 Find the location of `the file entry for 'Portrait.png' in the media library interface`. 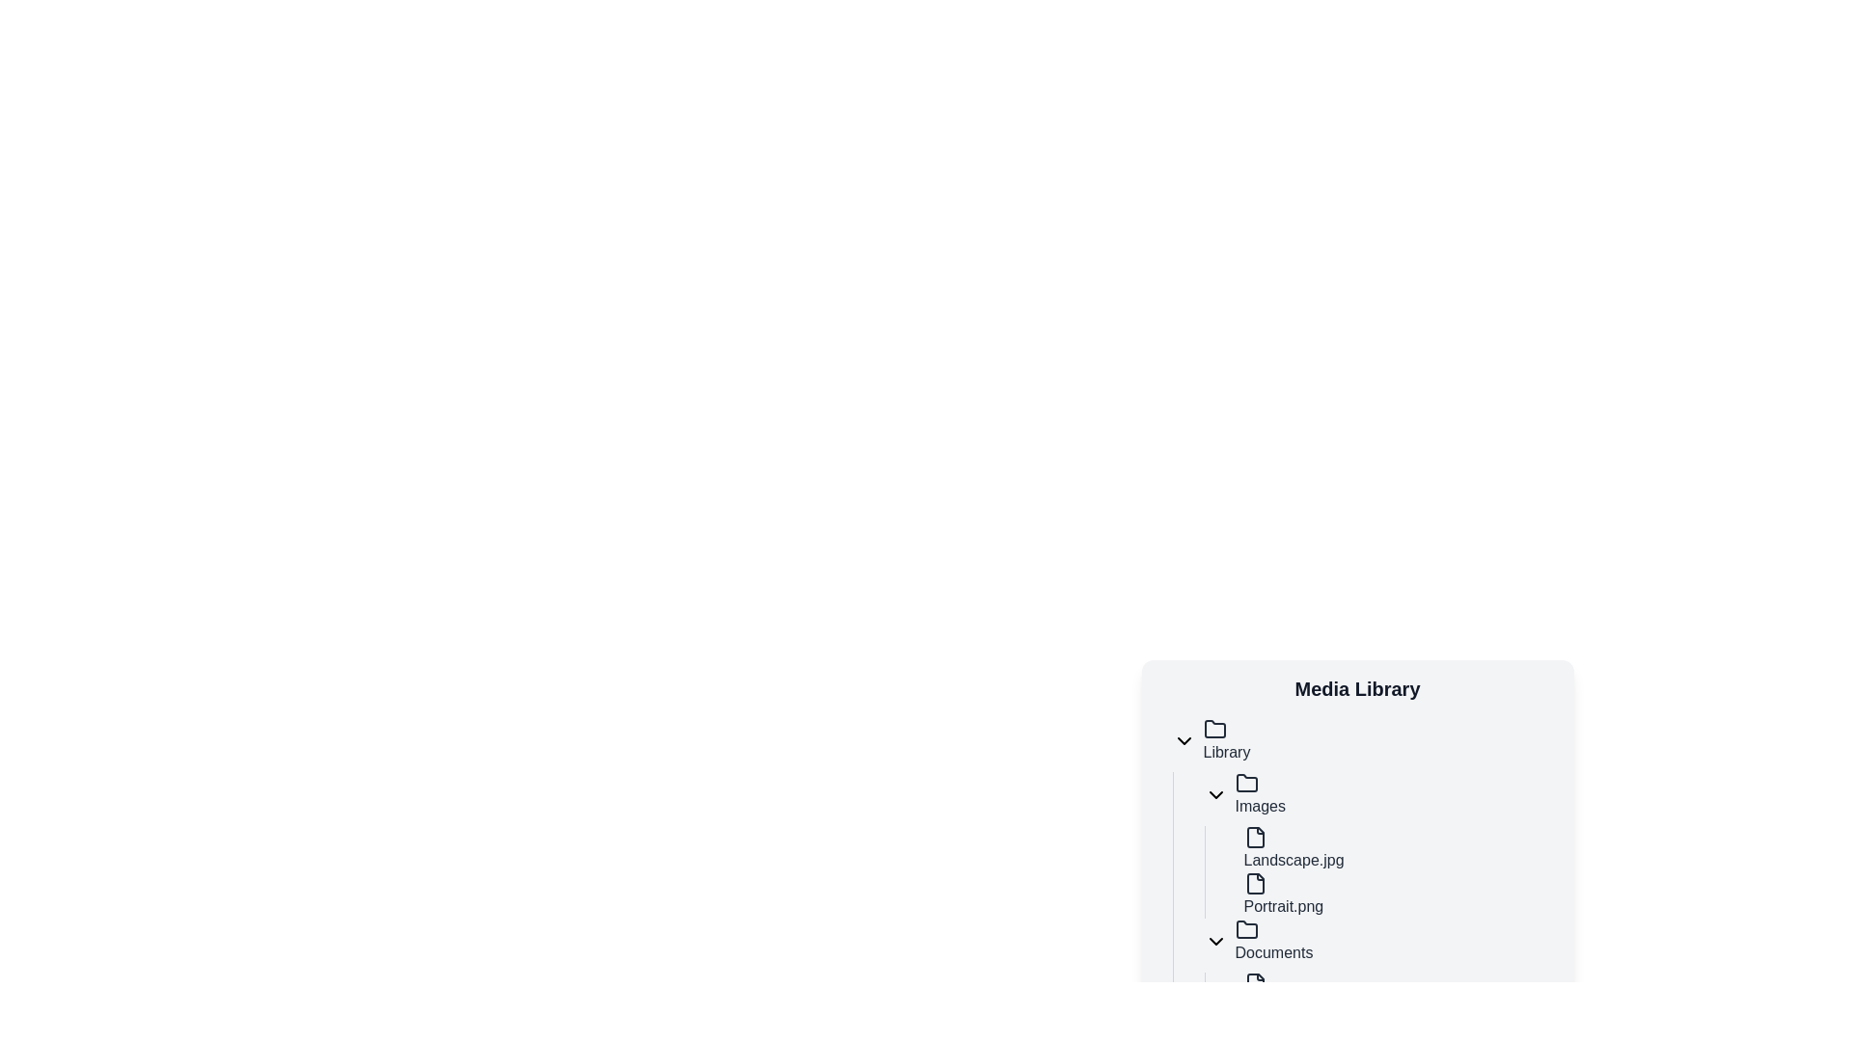

the file entry for 'Portrait.png' in the media library interface is located at coordinates (1397, 895).